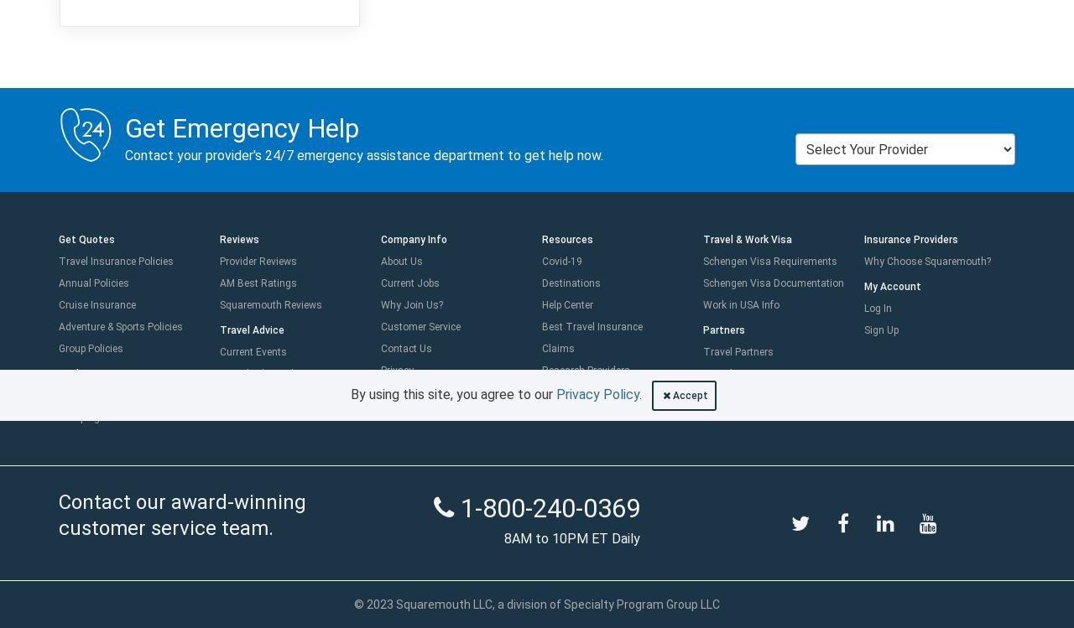 The height and width of the screenshot is (628, 1074). Describe the element at coordinates (769, 261) in the screenshot. I see `'Schengen Visa Requirements'` at that location.